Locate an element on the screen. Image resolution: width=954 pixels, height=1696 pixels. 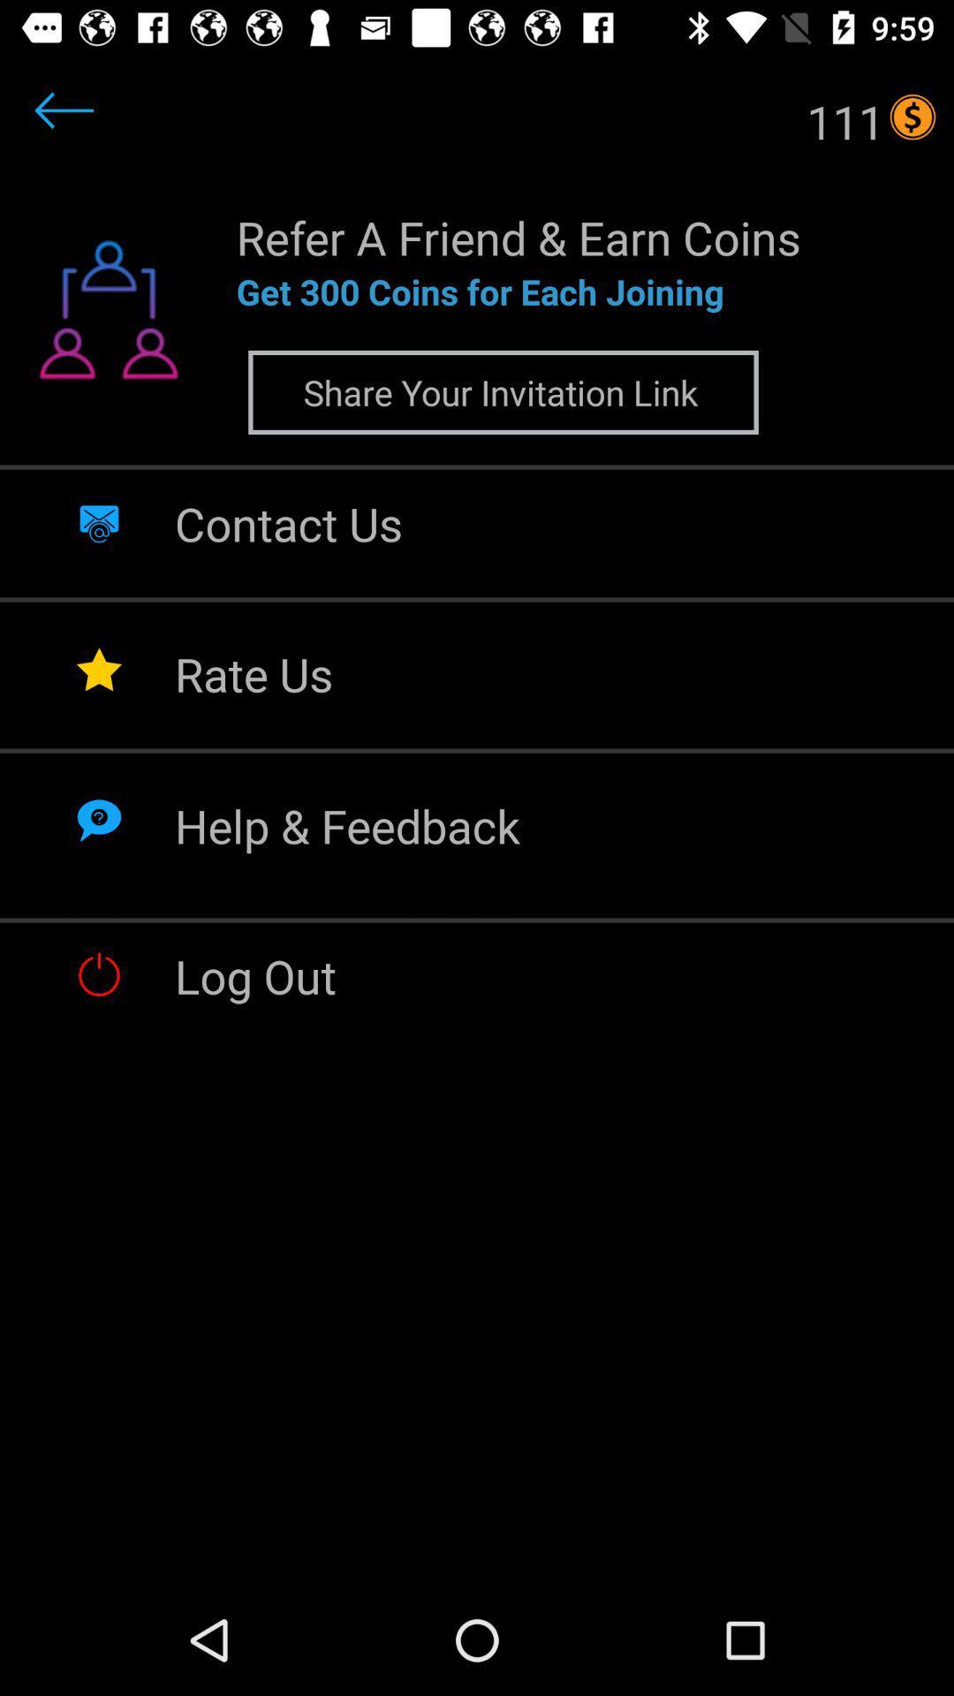
text below rate us is located at coordinates (347, 825).